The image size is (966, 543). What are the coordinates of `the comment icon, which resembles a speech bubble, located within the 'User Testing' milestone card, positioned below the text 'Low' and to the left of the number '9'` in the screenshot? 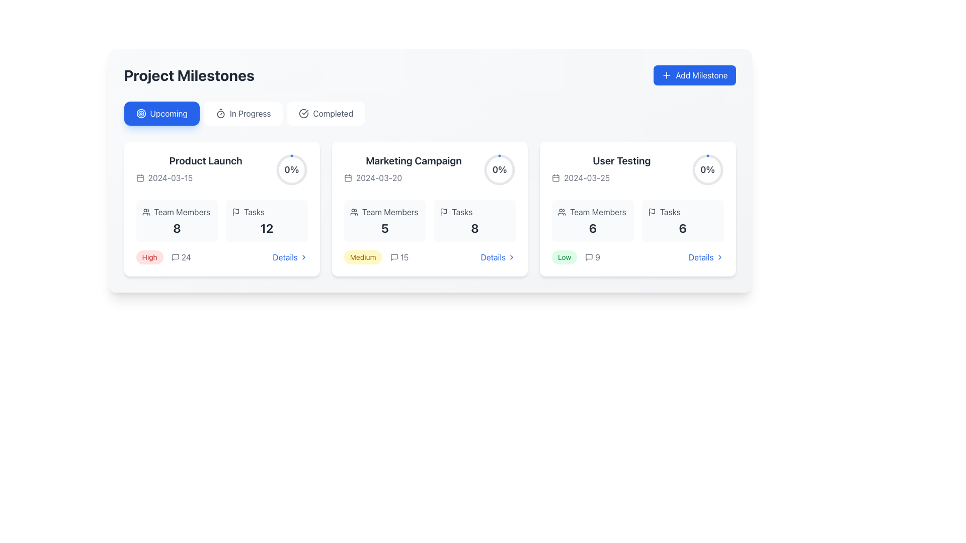 It's located at (589, 257).